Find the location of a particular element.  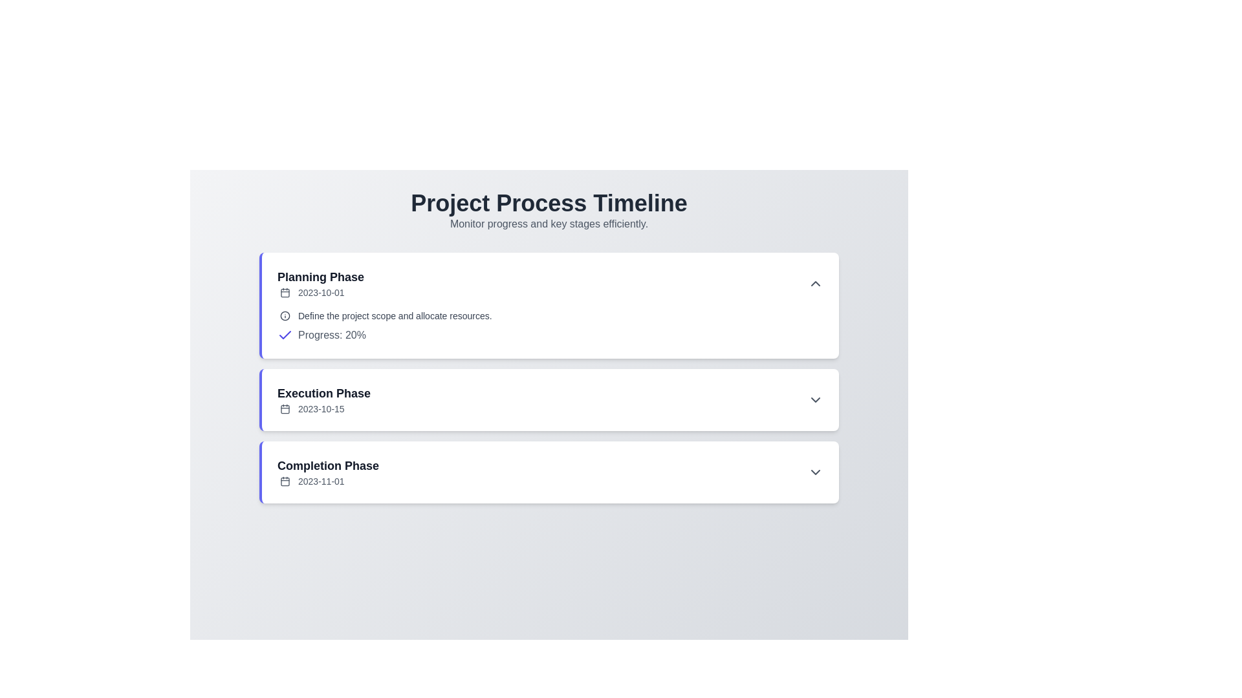

Text Label indicating the project phase titled 'Planning Phase 2023-10-01', located above the date text '2023-10-01' and a calendar icon, by hovering over it is located at coordinates (320, 276).